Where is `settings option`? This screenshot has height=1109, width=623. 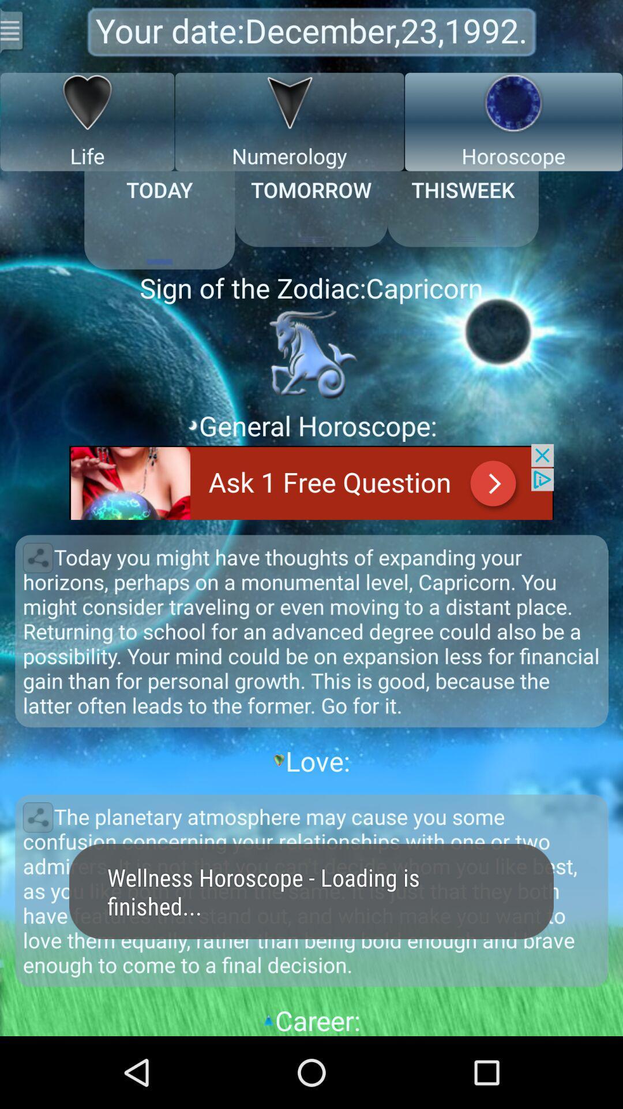
settings option is located at coordinates (13, 30).